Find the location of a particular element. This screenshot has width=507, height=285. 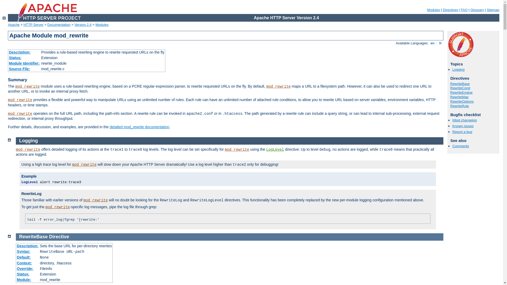

'RewriteRule' is located at coordinates (459, 106).